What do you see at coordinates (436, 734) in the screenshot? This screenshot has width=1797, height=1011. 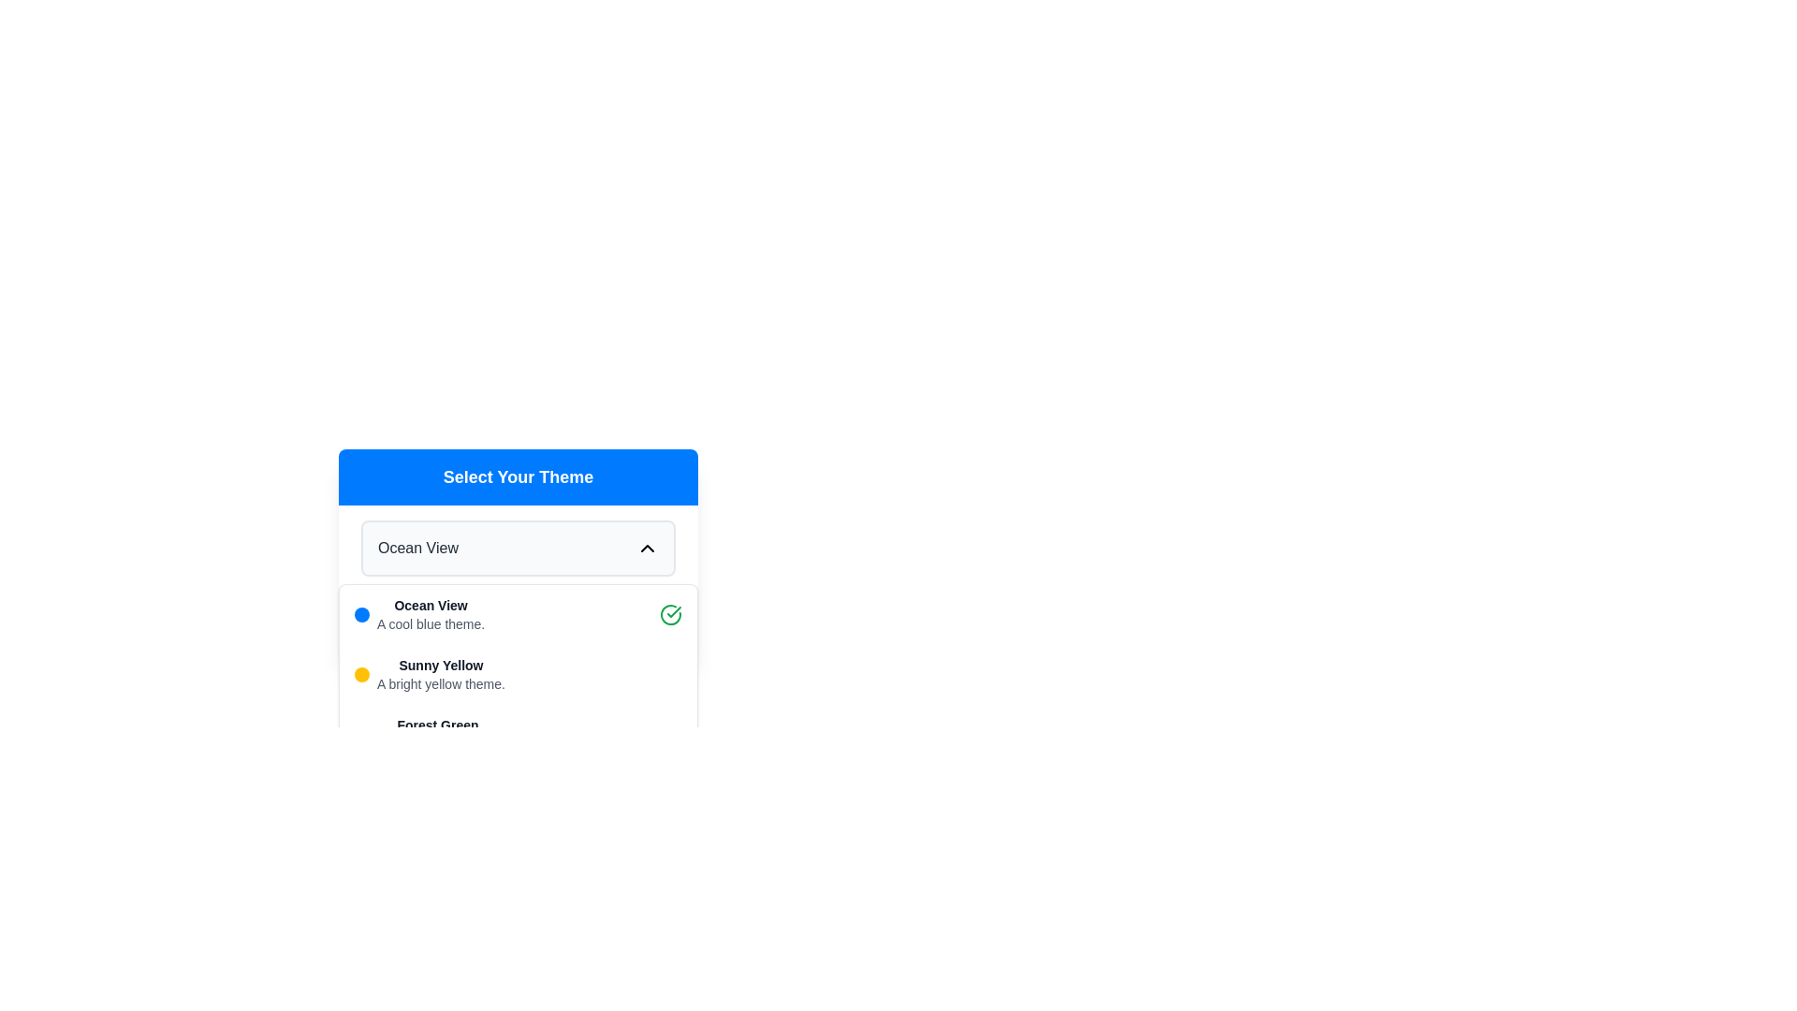 I see `the 'Forest Green' theme option descriptor, which is the third option in the vertical list under the 'Select Your Theme' dropdown menu` at bounding box center [436, 734].